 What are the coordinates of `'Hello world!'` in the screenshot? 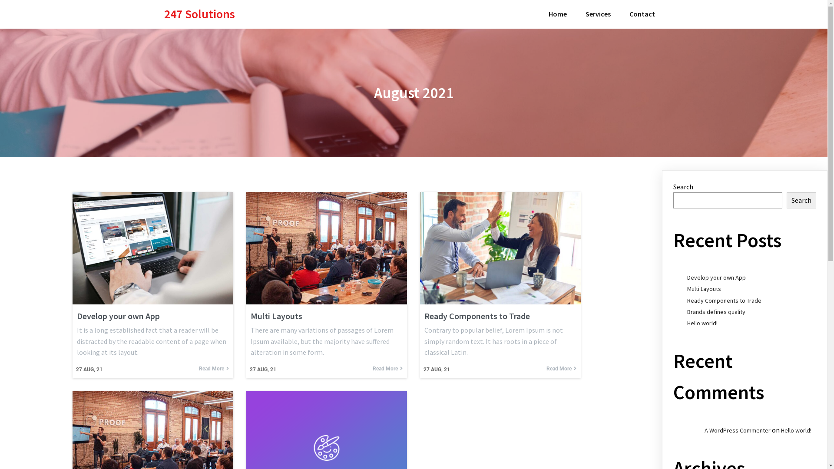 It's located at (781, 430).